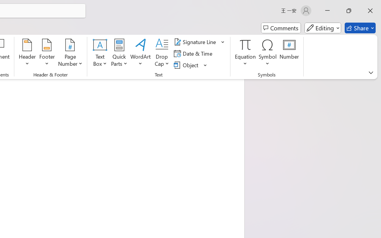 The image size is (381, 238). Describe the element at coordinates (349, 10) in the screenshot. I see `'Restore Down'` at that location.